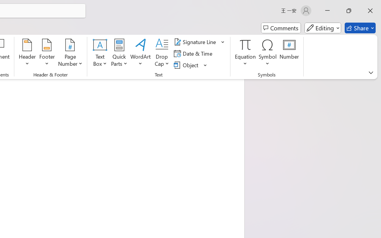 The image size is (381, 238). Describe the element at coordinates (349, 10) in the screenshot. I see `'Restore Down'` at that location.